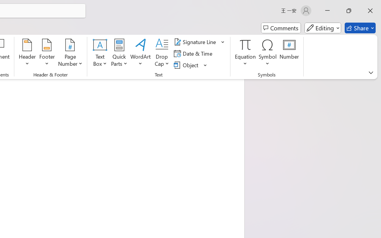 The image size is (381, 238). Describe the element at coordinates (349, 10) in the screenshot. I see `'Restore Down'` at that location.